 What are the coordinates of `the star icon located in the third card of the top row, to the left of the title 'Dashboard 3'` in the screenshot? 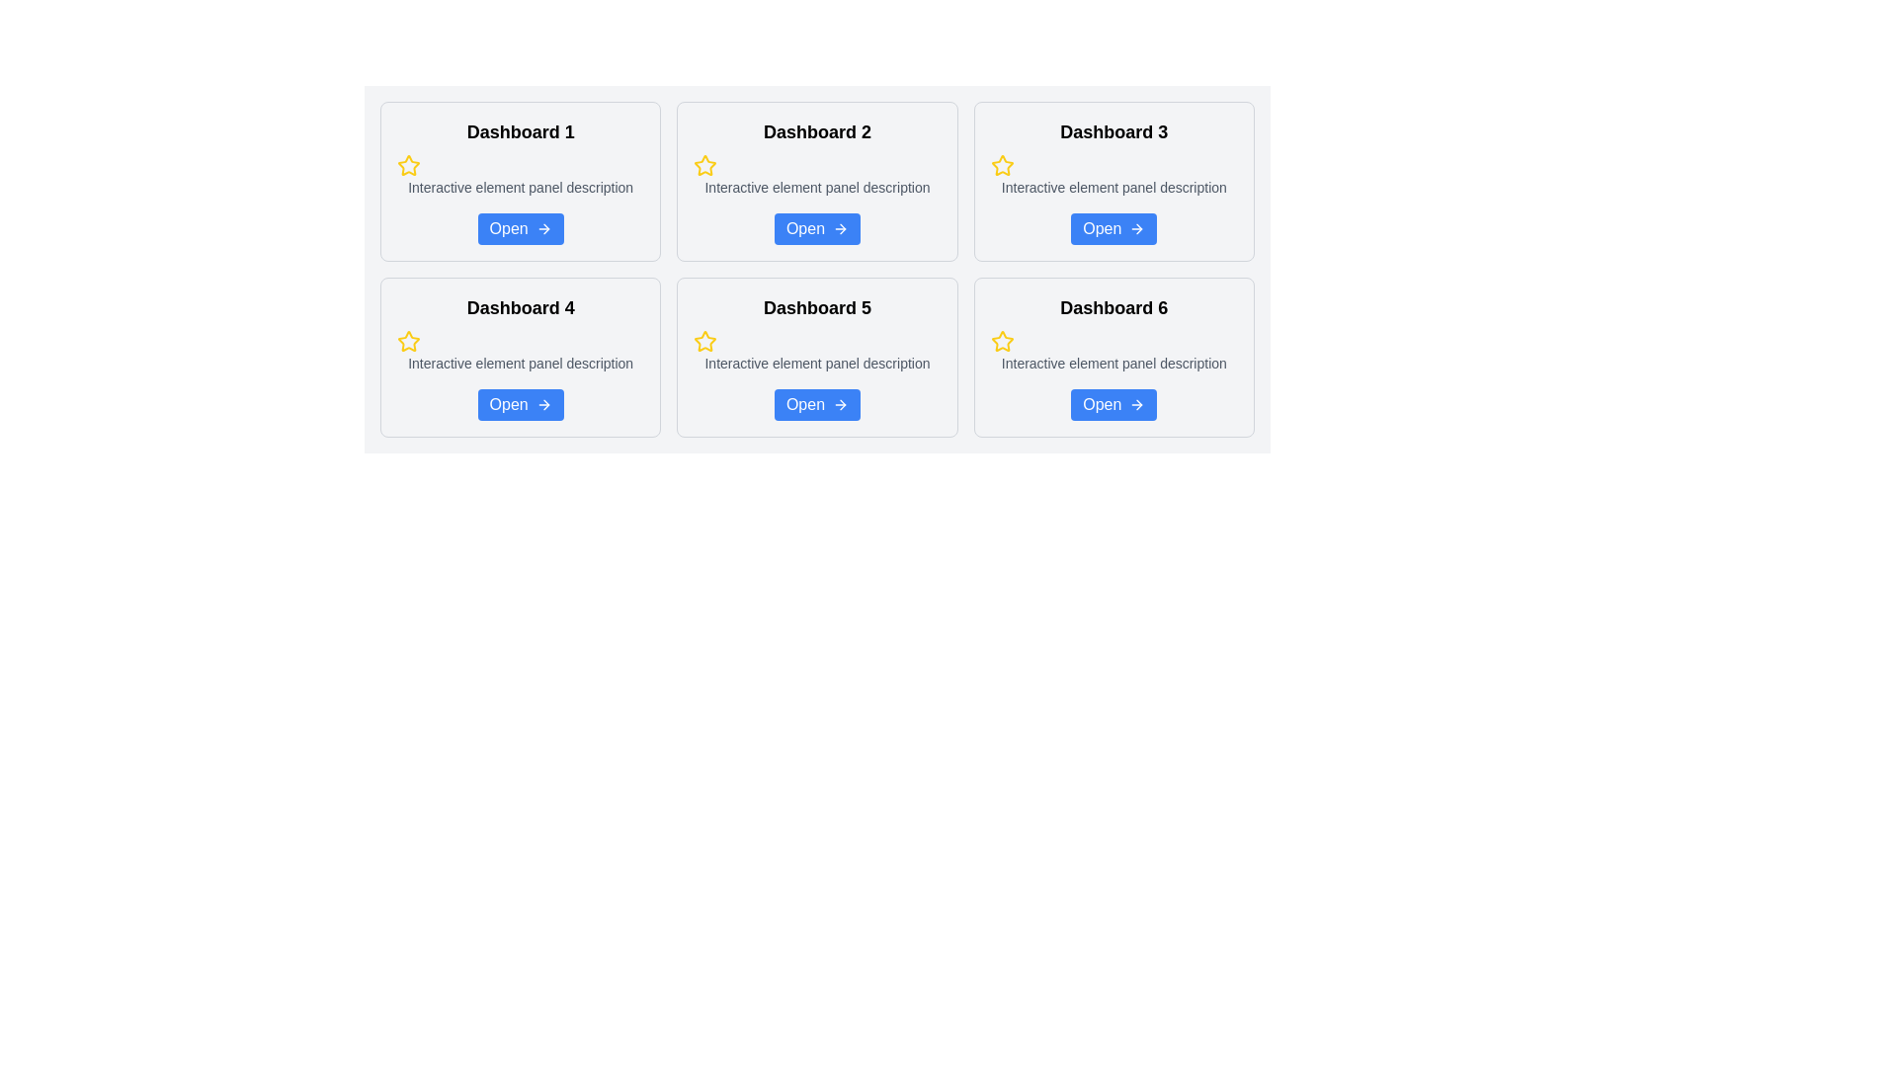 It's located at (1002, 165).